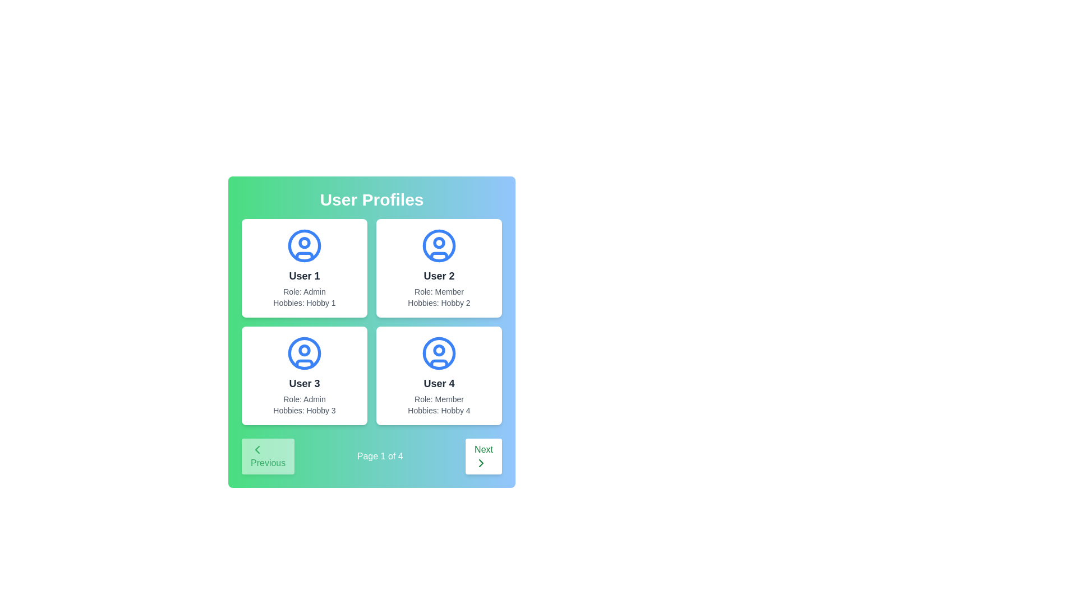  I want to click on the decorative SVG circle element representing the profile of 'User 2' located in the top-right user profile item, so click(438, 245).